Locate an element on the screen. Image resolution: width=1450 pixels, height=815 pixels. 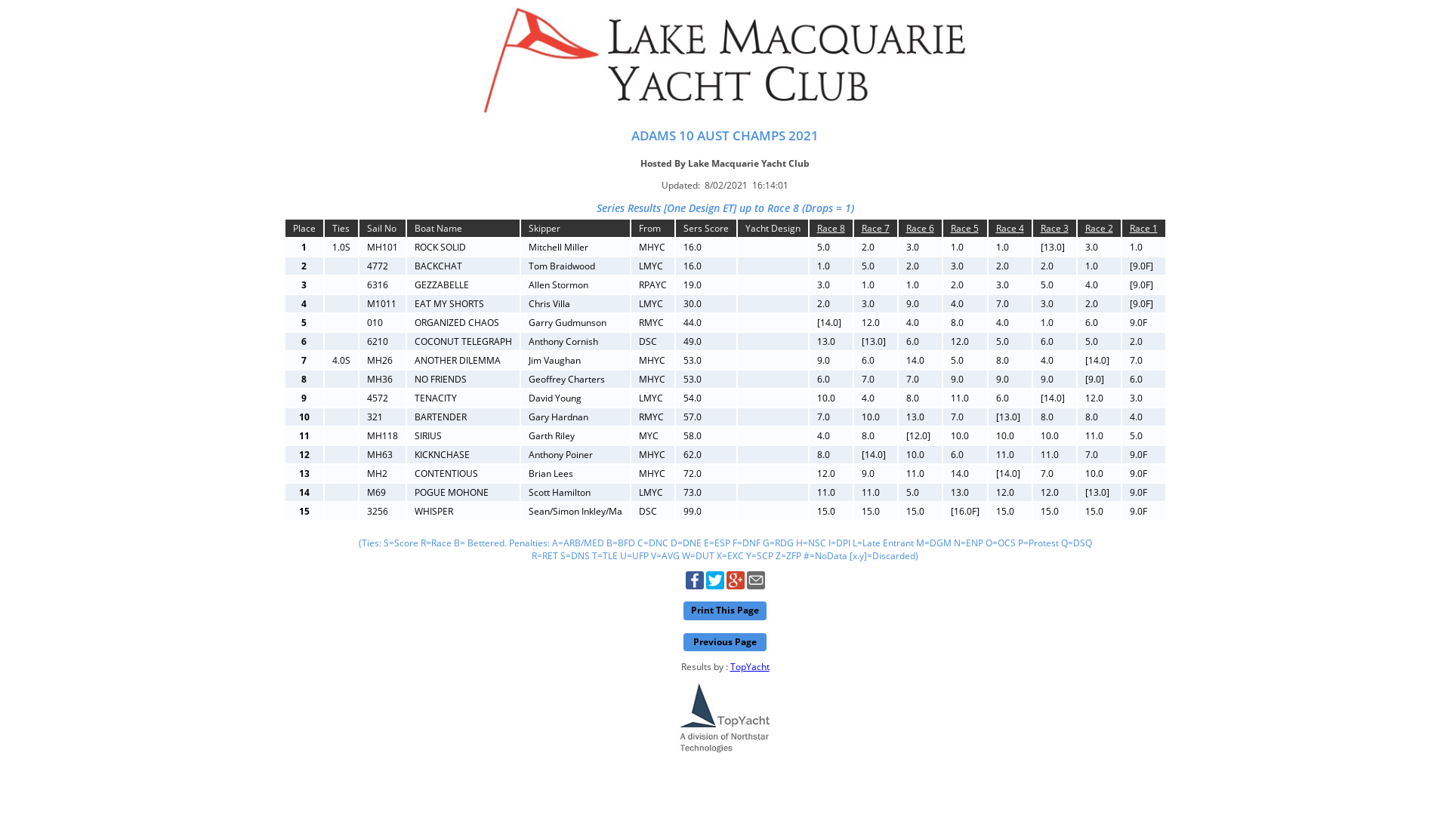
'Race 6' is located at coordinates (919, 228).